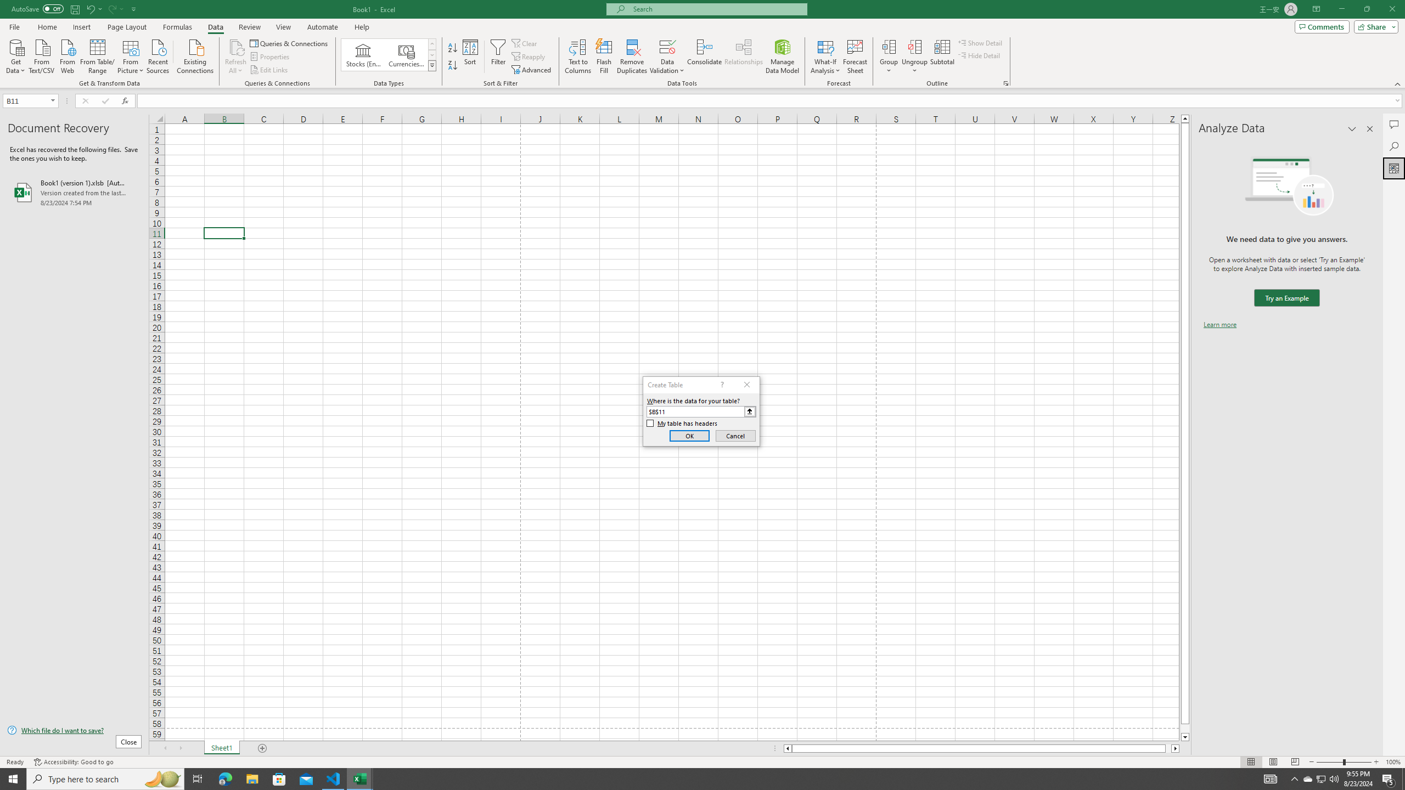 This screenshot has height=790, width=1405. Describe the element at coordinates (525, 43) in the screenshot. I see `'Clear'` at that location.